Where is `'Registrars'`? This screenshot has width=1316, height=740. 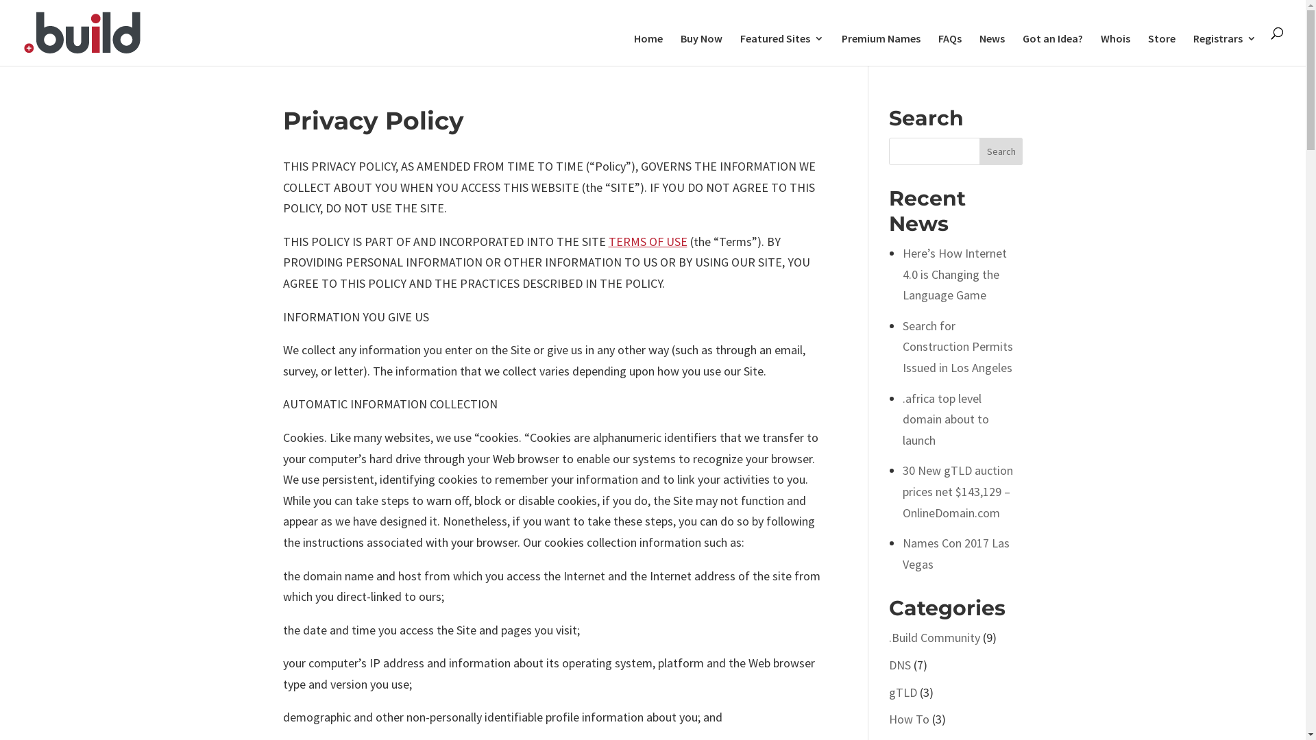 'Registrars' is located at coordinates (1193, 49).